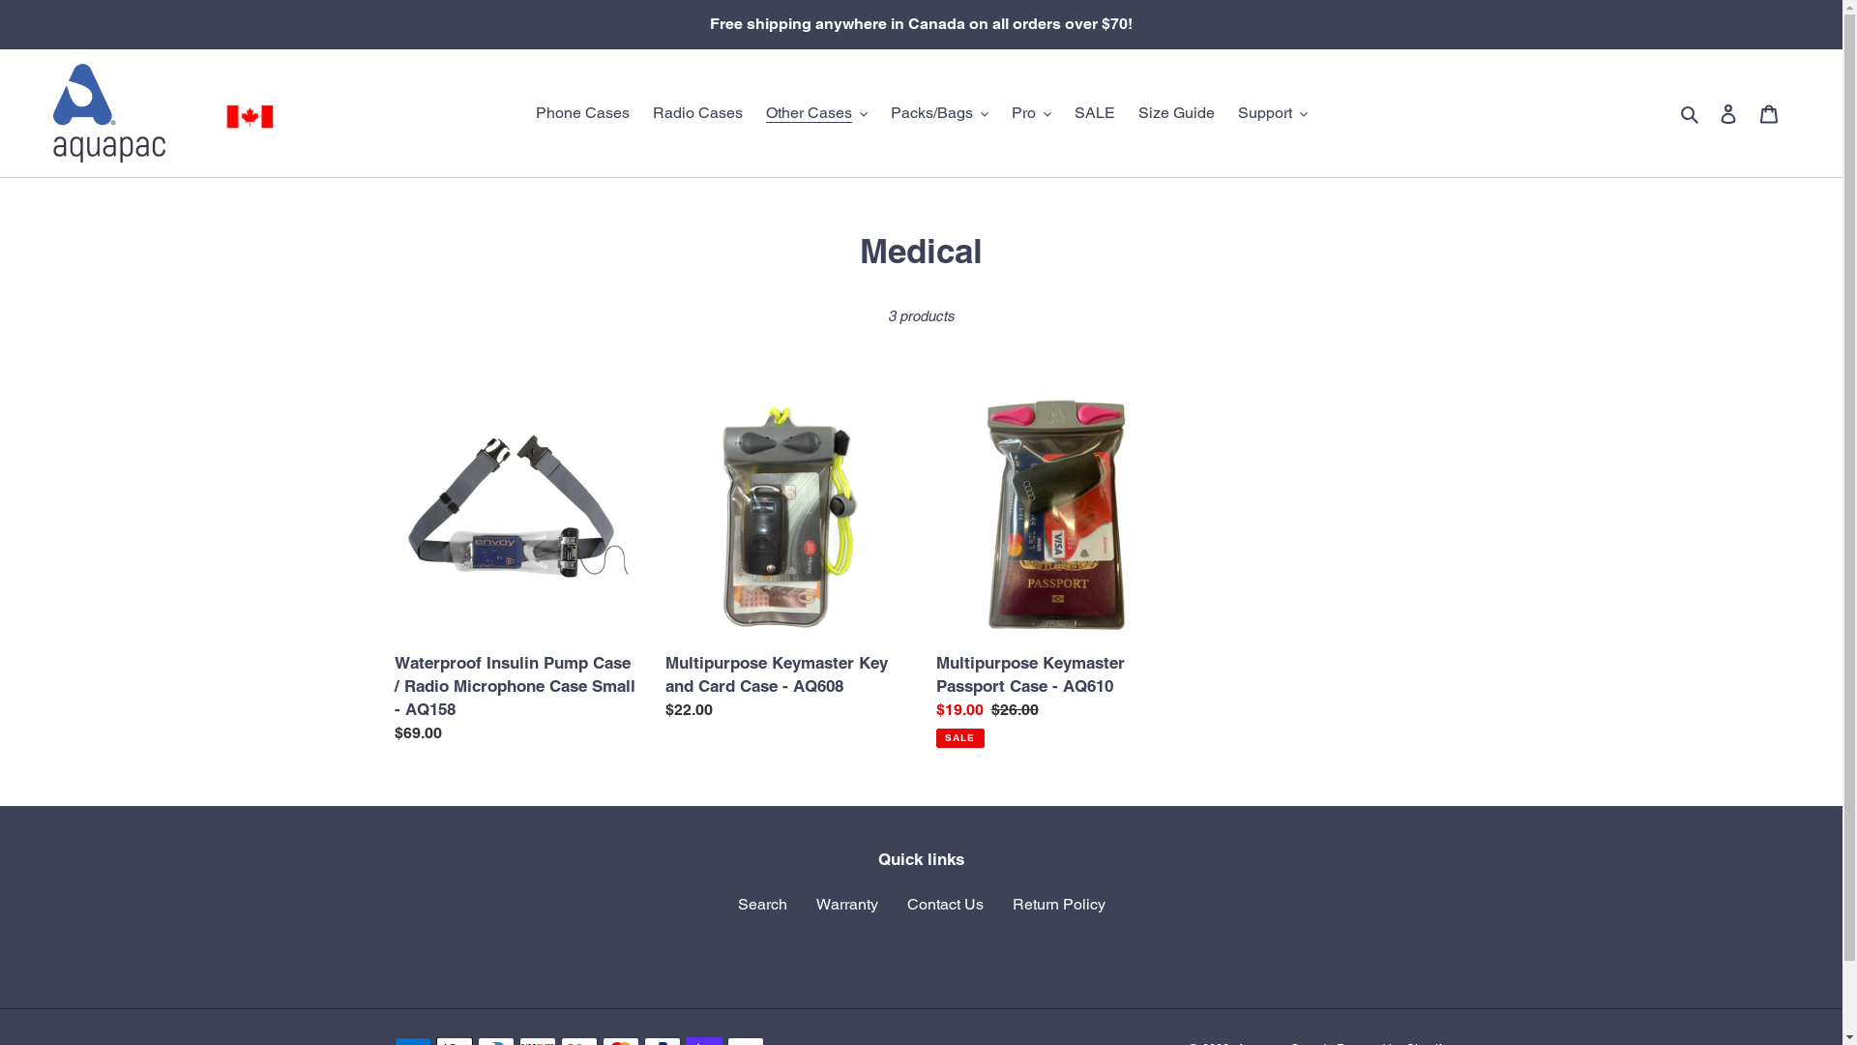 This screenshot has width=1857, height=1045. What do you see at coordinates (525, 112) in the screenshot?
I see `'Phone Cases'` at bounding box center [525, 112].